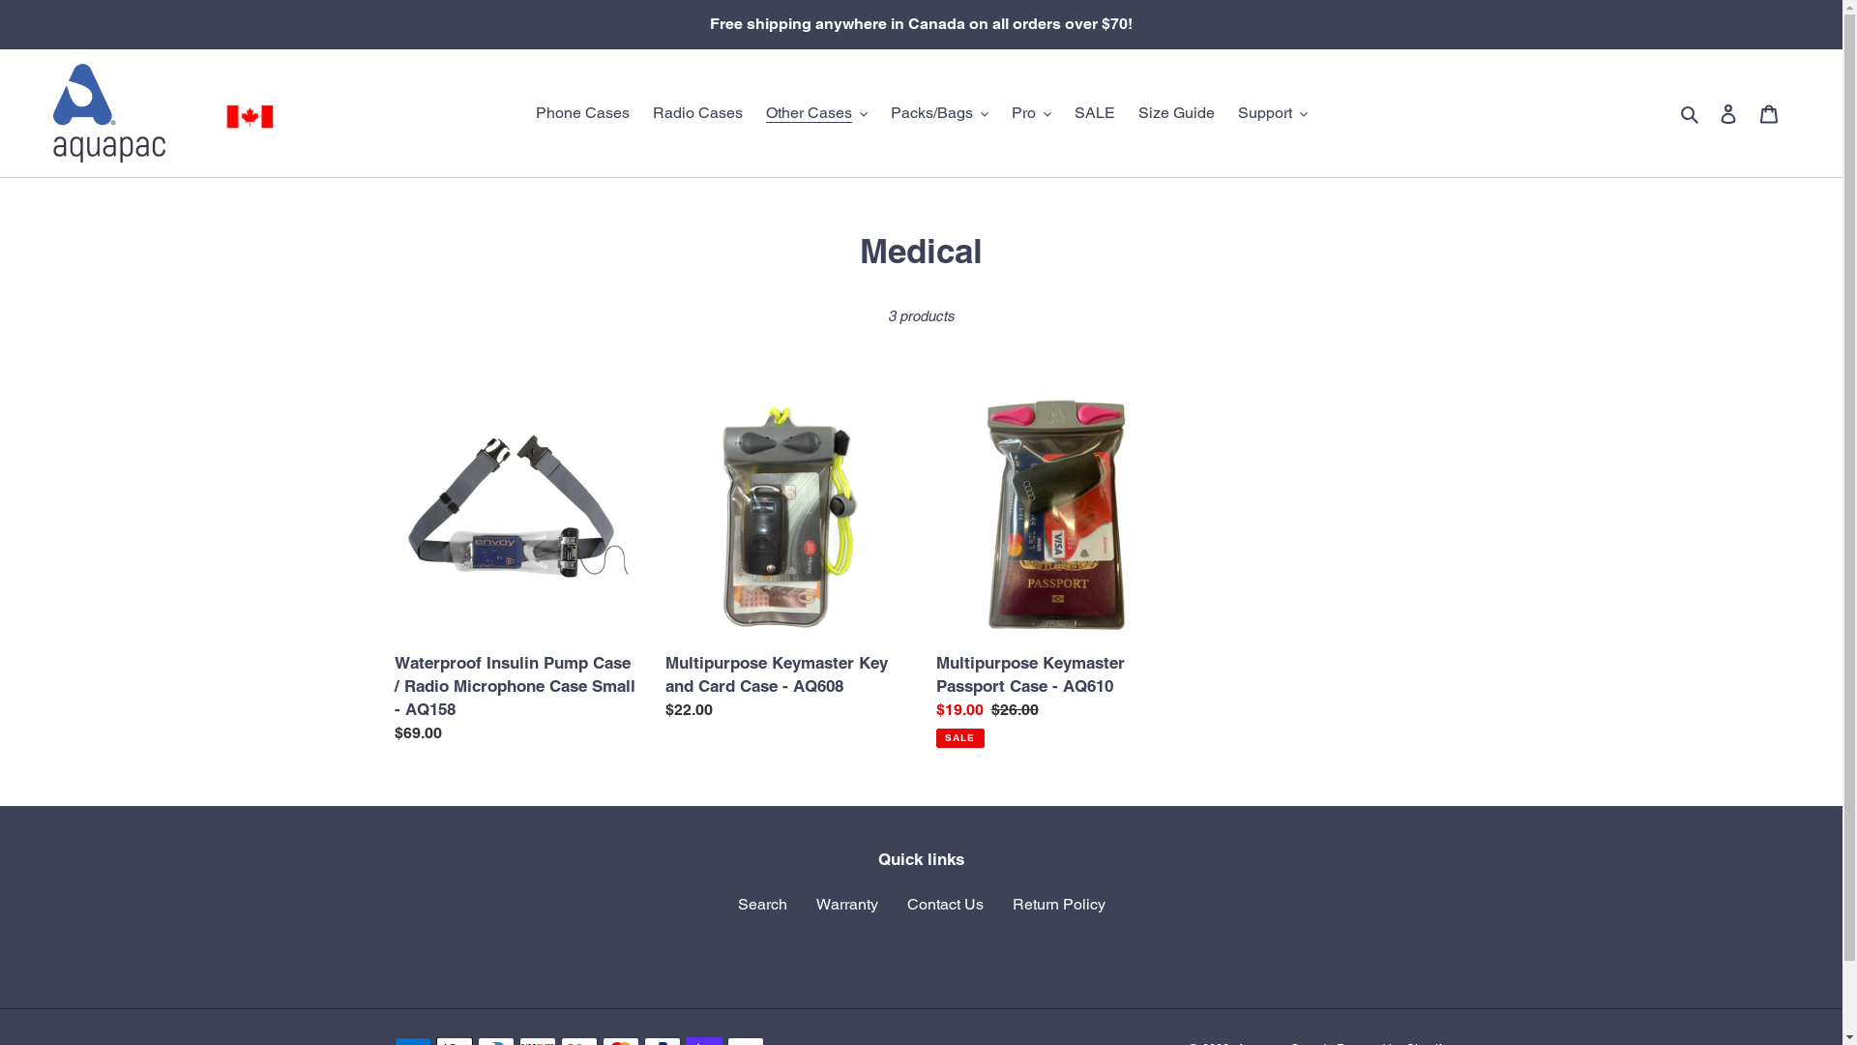 This screenshot has width=1857, height=1045. What do you see at coordinates (525, 112) in the screenshot?
I see `'Phone Cases'` at bounding box center [525, 112].